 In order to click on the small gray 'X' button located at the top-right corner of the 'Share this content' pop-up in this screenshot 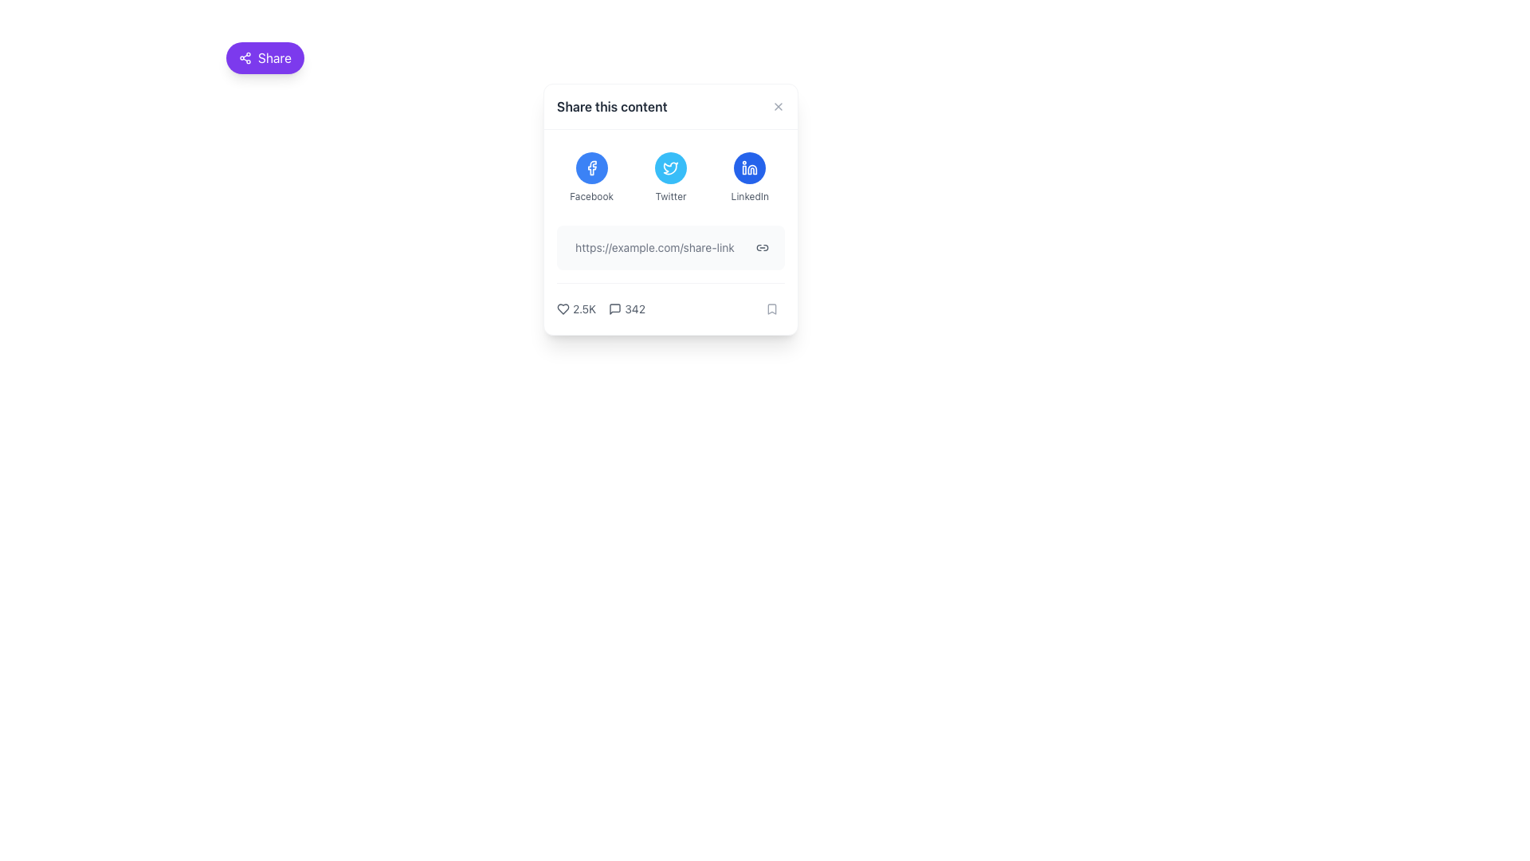, I will do `click(779, 107)`.